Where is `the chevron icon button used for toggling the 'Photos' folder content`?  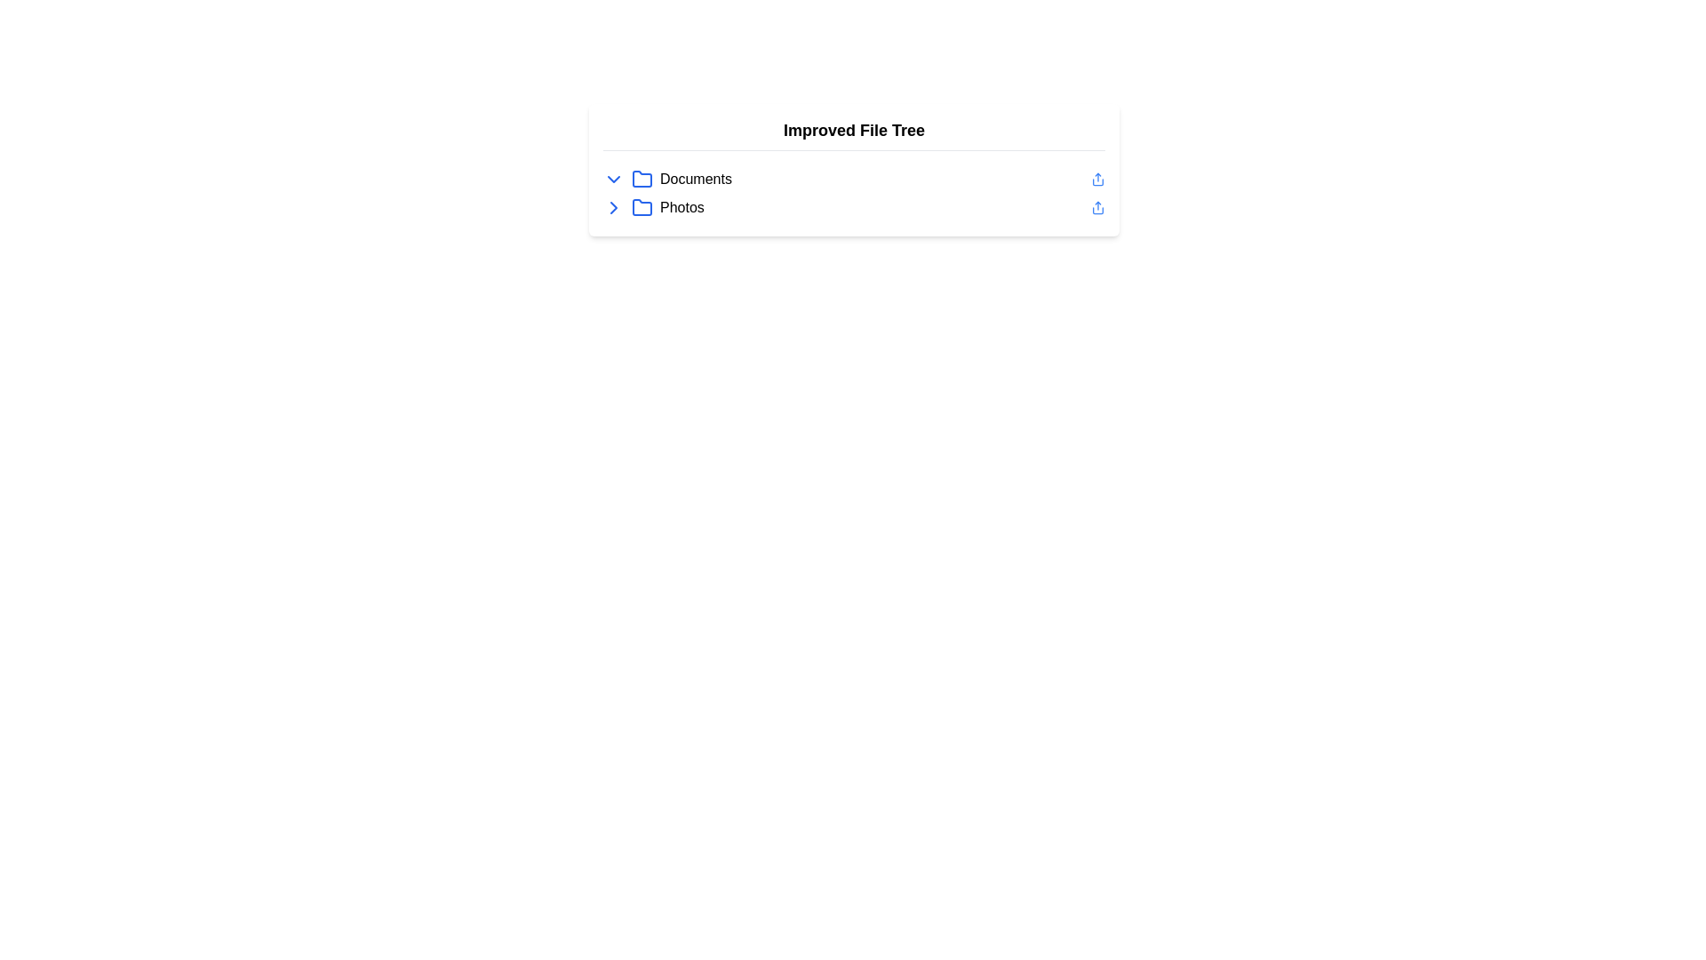
the chevron icon button used for toggling the 'Photos' folder content is located at coordinates (614, 207).